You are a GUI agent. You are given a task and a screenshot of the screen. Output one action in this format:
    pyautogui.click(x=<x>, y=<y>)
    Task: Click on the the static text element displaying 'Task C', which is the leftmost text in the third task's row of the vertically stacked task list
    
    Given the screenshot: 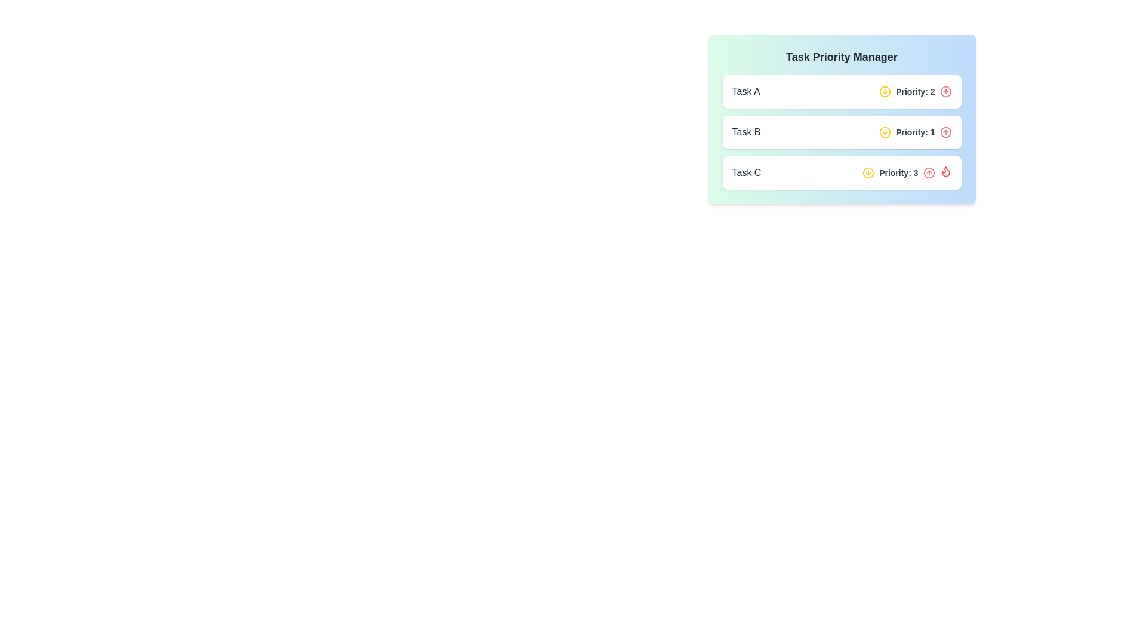 What is the action you would take?
    pyautogui.click(x=745, y=172)
    